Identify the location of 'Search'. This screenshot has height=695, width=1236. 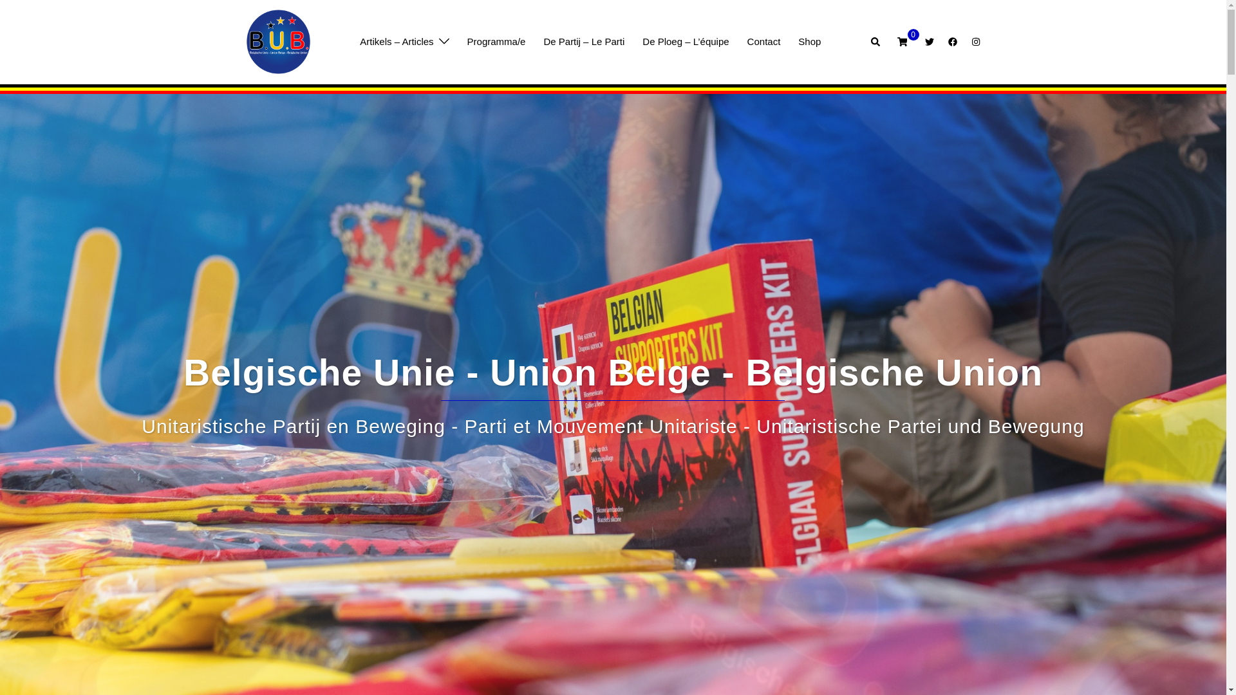
(870, 41).